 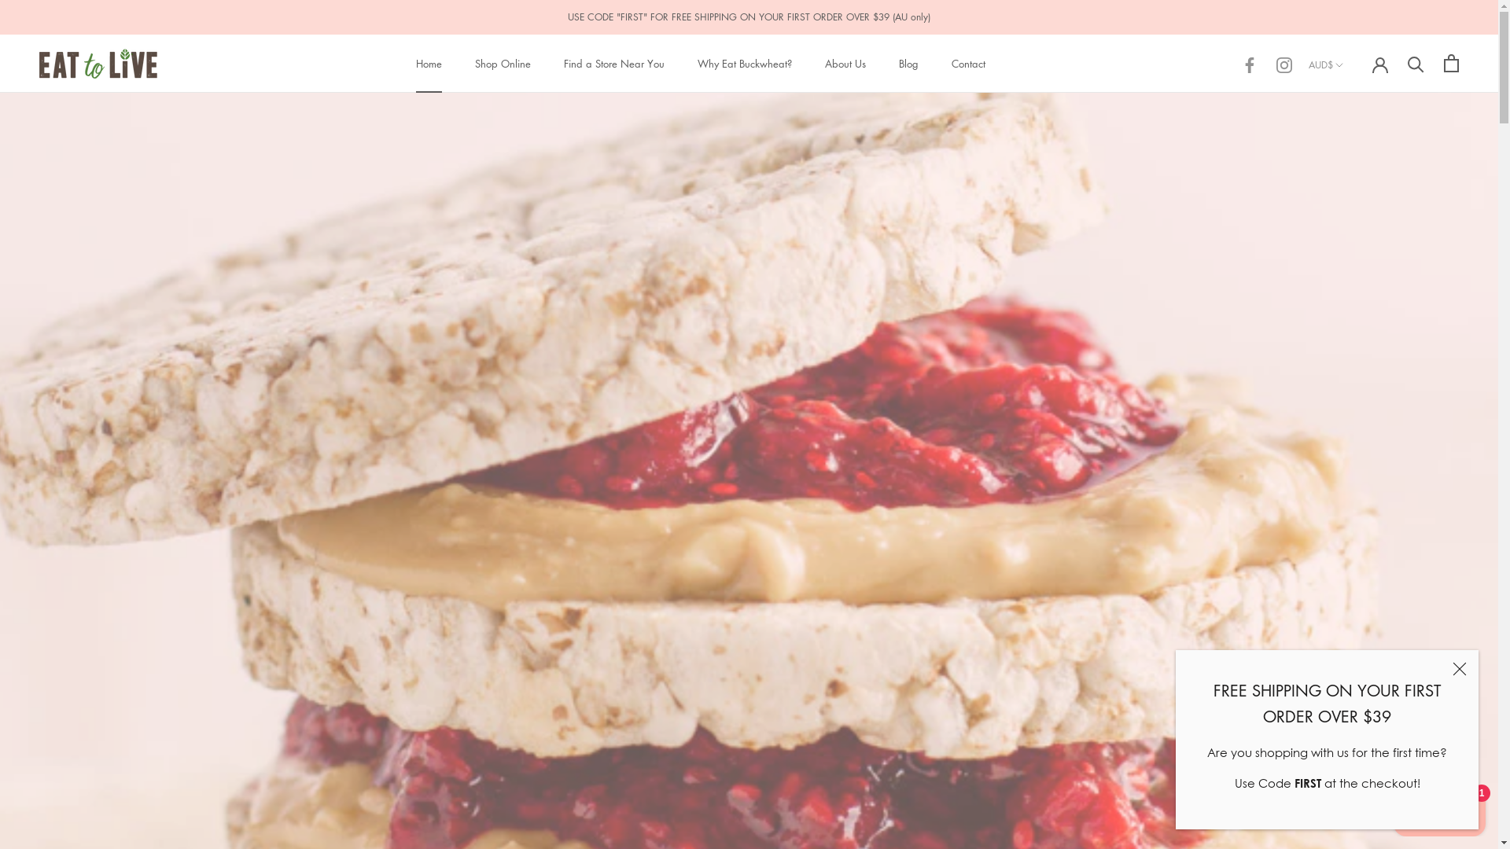 What do you see at coordinates (742, 62) in the screenshot?
I see `'Why Eat Buckwheat?` at bounding box center [742, 62].